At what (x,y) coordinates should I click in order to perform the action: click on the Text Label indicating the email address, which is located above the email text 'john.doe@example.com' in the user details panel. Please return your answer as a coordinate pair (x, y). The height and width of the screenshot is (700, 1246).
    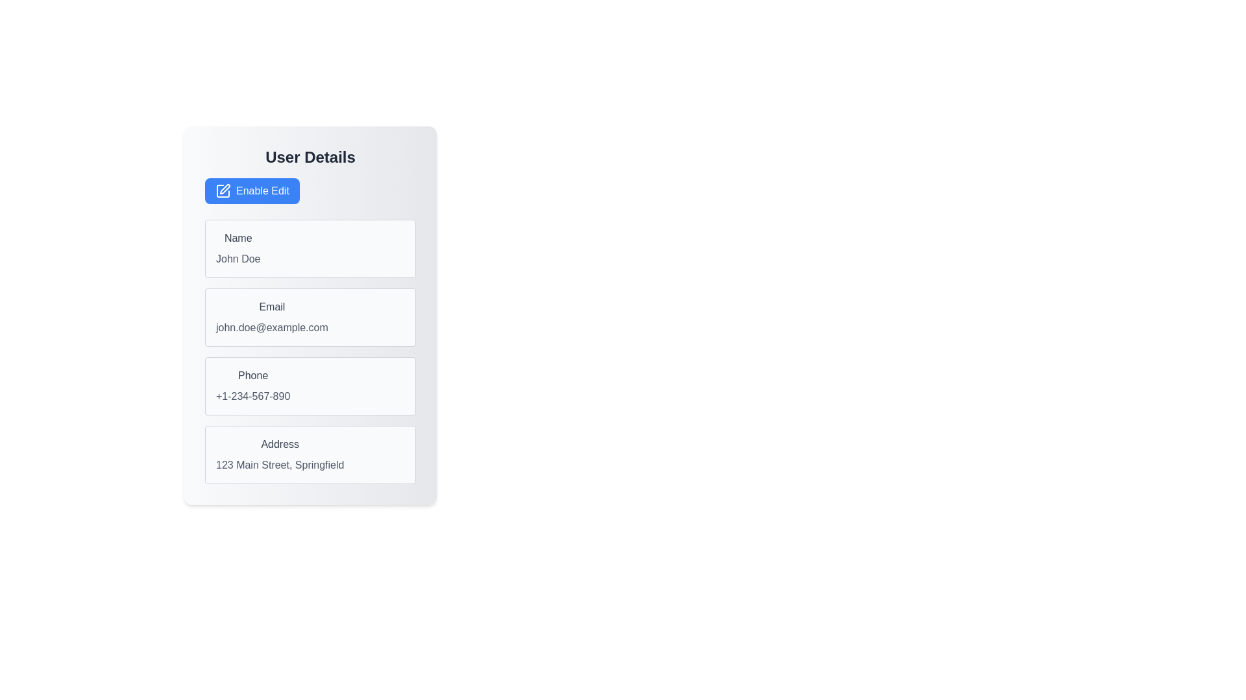
    Looking at the image, I should click on (271, 307).